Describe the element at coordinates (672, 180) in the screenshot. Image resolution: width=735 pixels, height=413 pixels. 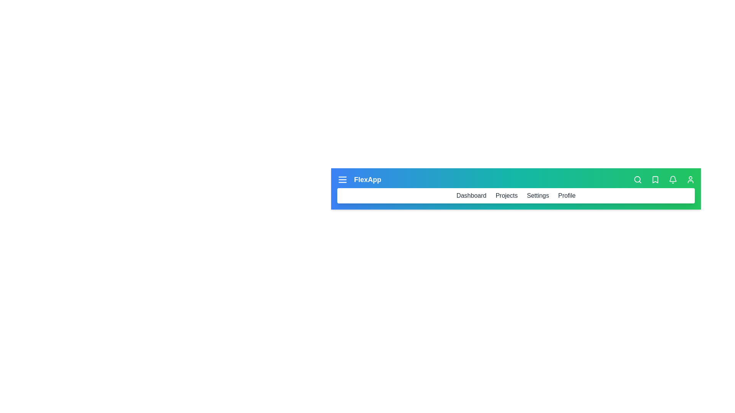
I see `the notification (bell) icon` at that location.